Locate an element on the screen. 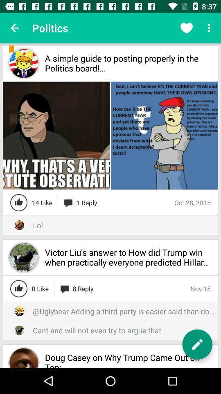 The height and width of the screenshot is (394, 221). like icon left to 14 like is located at coordinates (19, 202).